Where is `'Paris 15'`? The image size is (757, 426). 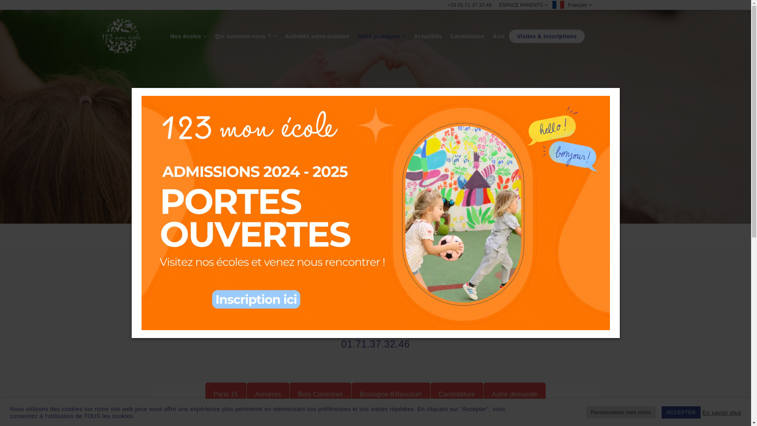
'Paris 15' is located at coordinates (225, 394).